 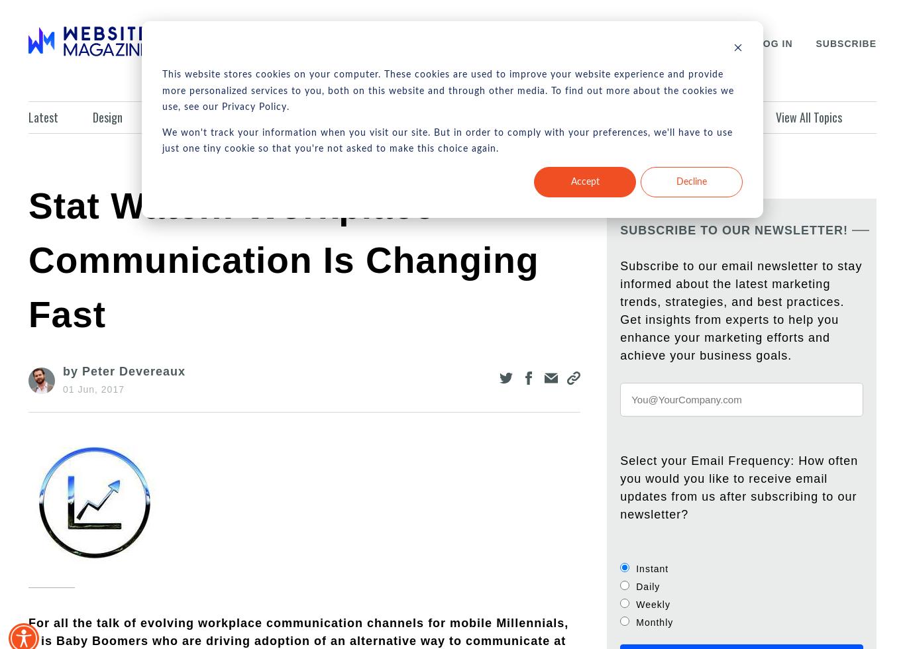 What do you see at coordinates (808, 117) in the screenshot?
I see `'View All Topics'` at bounding box center [808, 117].